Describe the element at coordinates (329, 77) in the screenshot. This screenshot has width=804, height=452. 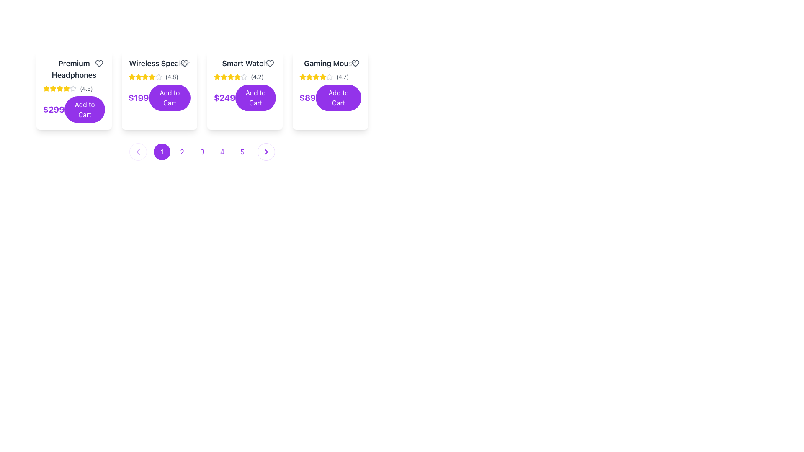
I see `the star icon representing a rating of 4.7 stars in the rating section of the 'Gaming Mouse' card` at that location.